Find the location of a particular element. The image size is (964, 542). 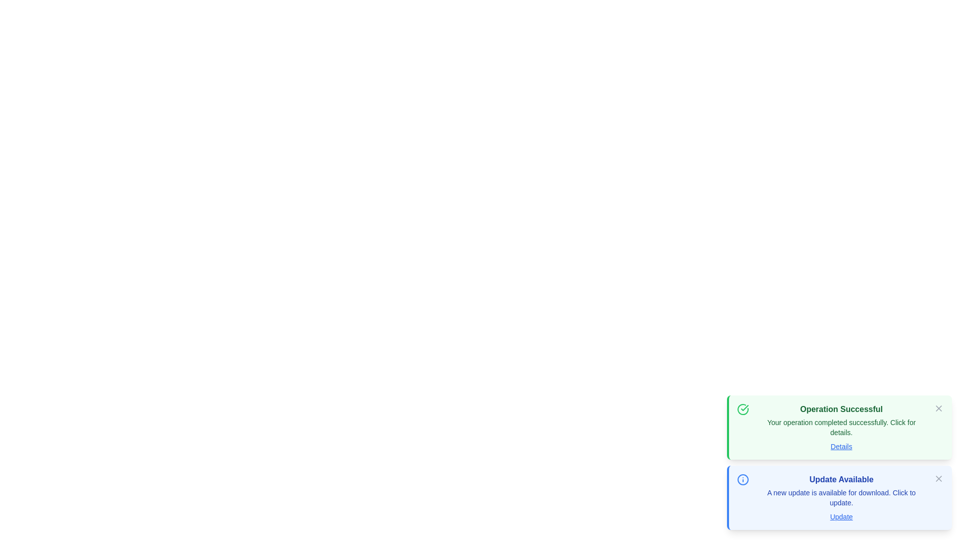

the informational icon indicating an update available, which is positioned to the left of the text content within the notification box labeled 'Update Available' is located at coordinates (743, 479).